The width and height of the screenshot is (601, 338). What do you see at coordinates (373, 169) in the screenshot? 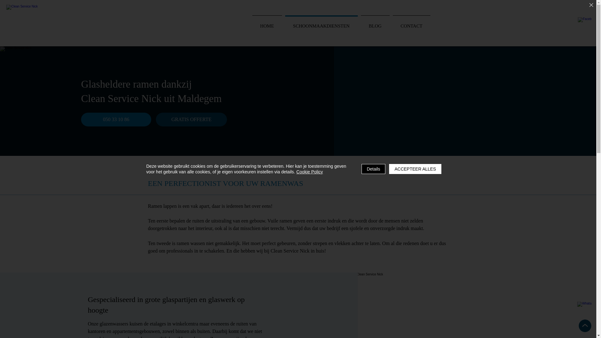
I see `'Details'` at bounding box center [373, 169].